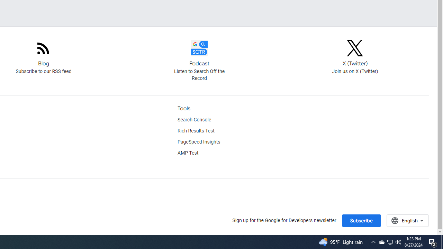 This screenshot has width=443, height=249. Describe the element at coordinates (407, 220) in the screenshot. I see `'English'` at that location.